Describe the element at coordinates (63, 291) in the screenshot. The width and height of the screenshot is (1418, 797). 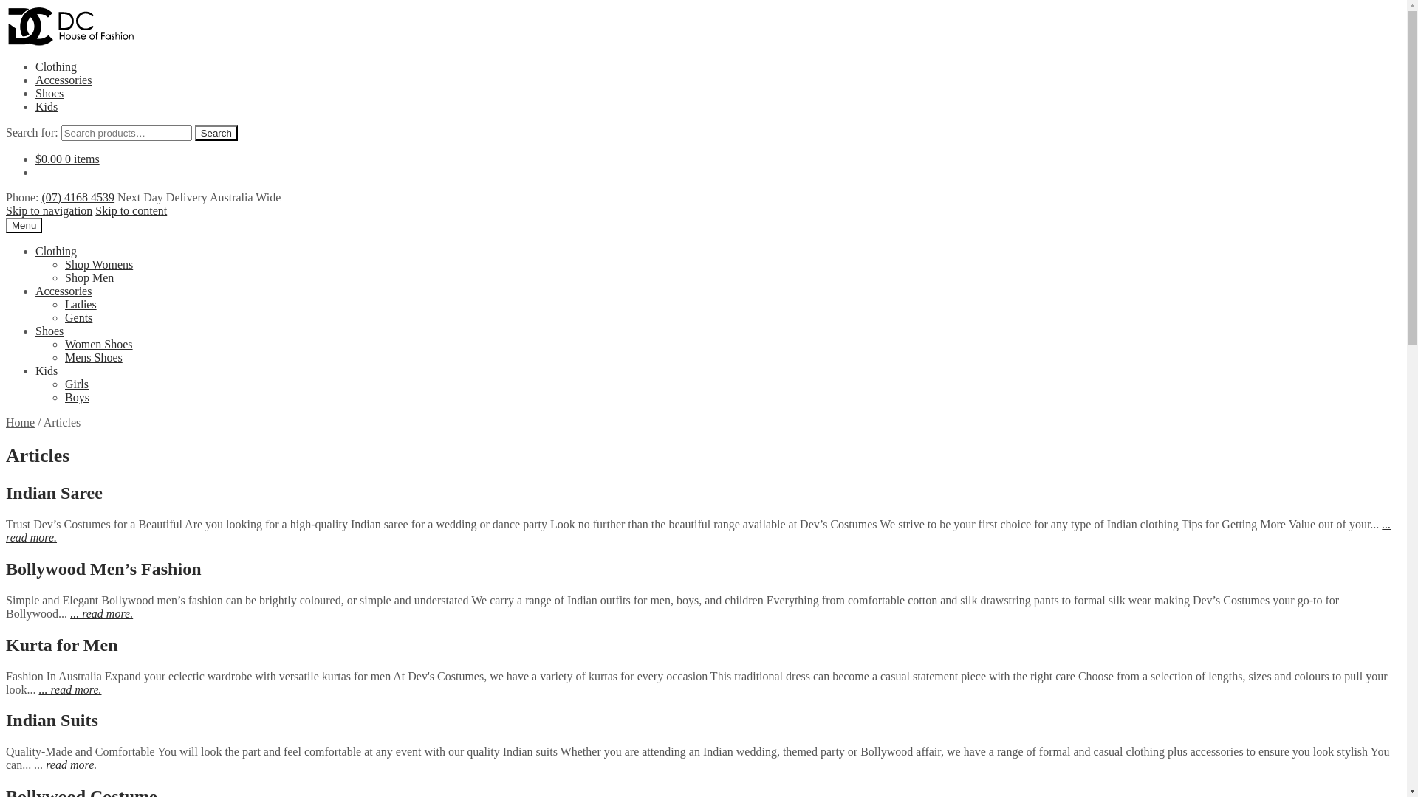
I see `'Accessories'` at that location.